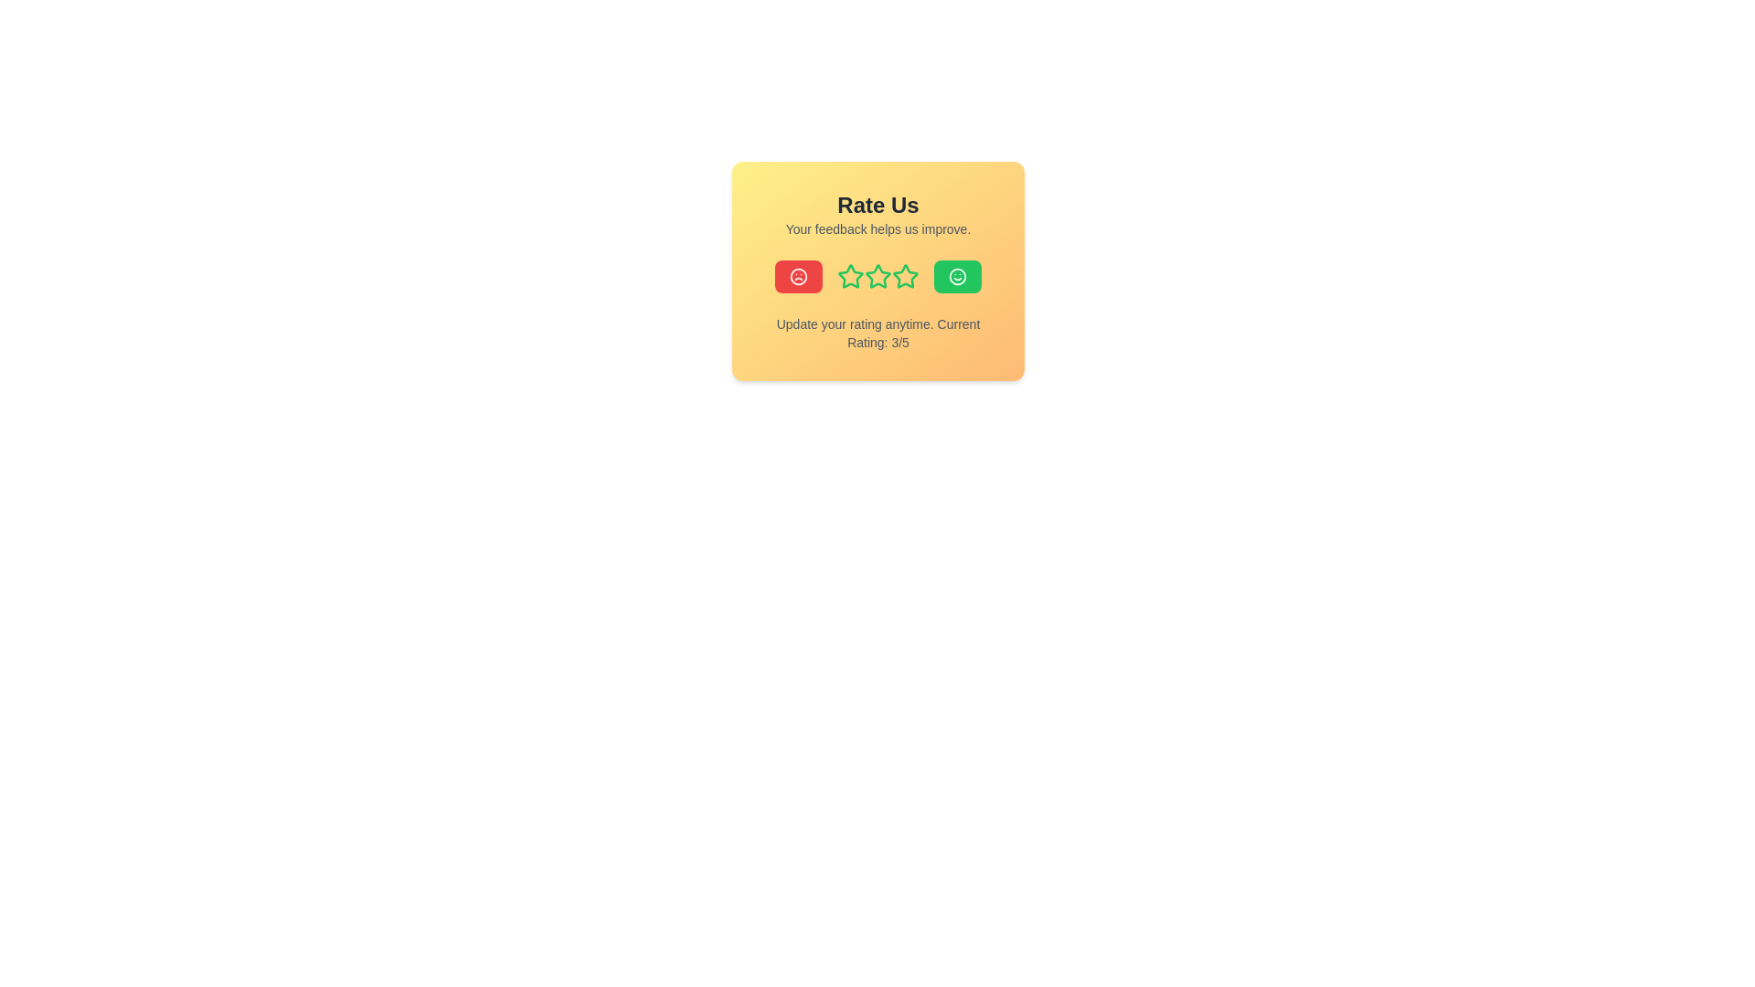  I want to click on the leftmost feedback button located under the 'Rate Us' heading, so click(798, 277).